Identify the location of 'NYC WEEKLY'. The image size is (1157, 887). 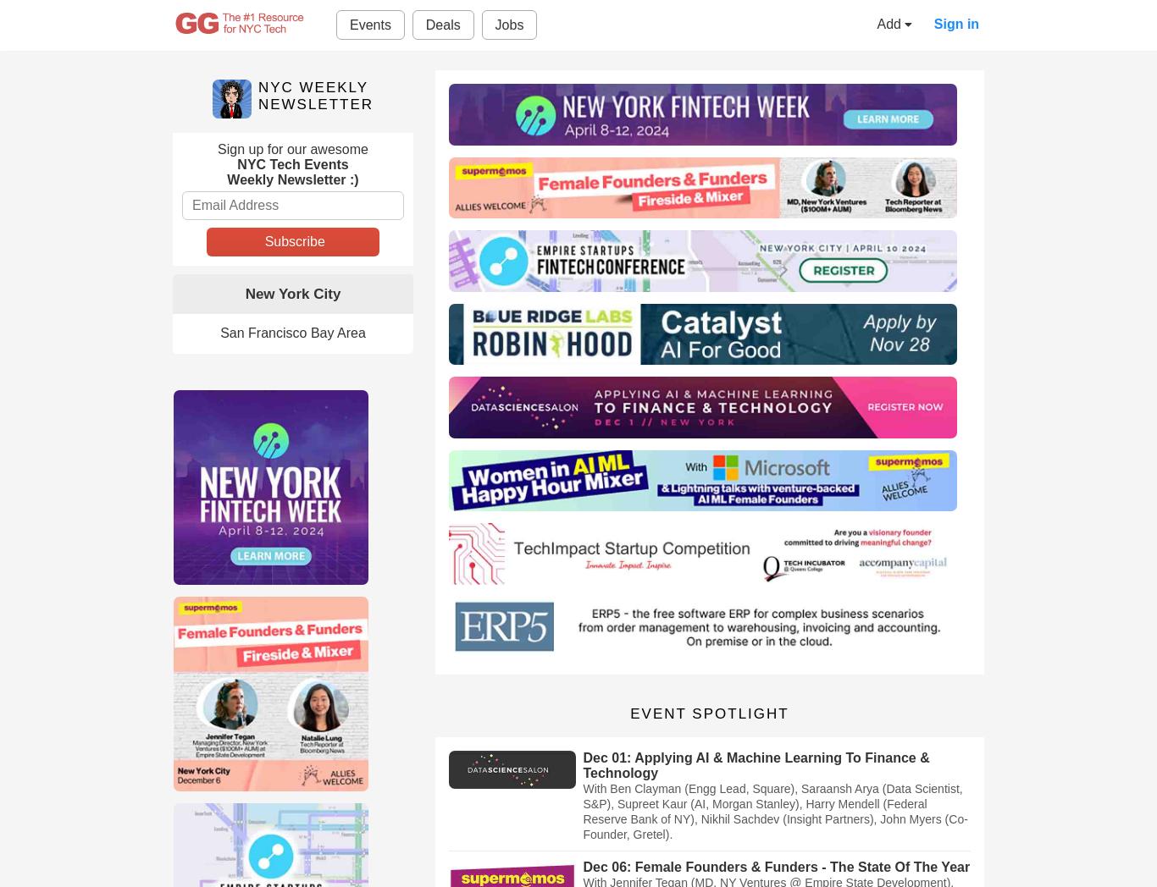
(312, 86).